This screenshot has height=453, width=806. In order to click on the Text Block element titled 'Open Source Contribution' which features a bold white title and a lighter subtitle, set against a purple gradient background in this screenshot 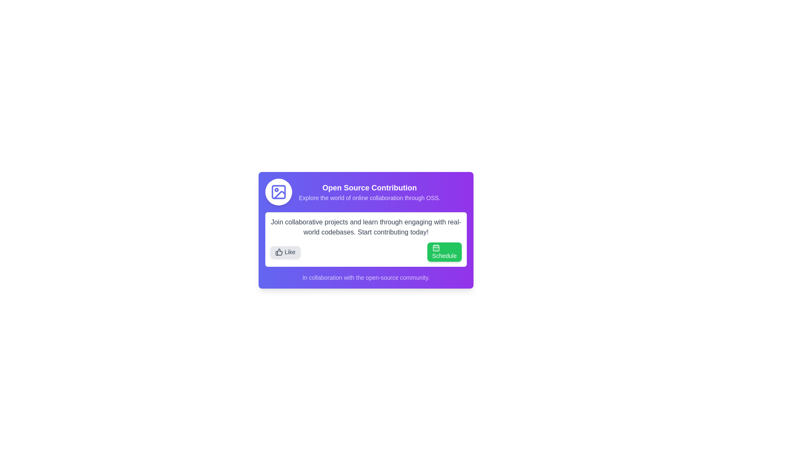, I will do `click(369, 192)`.